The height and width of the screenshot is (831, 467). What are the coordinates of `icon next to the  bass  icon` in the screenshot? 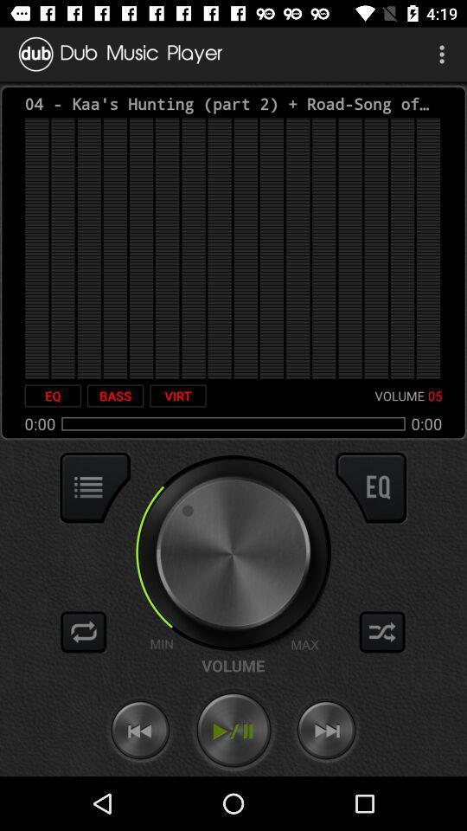 It's located at (177, 396).